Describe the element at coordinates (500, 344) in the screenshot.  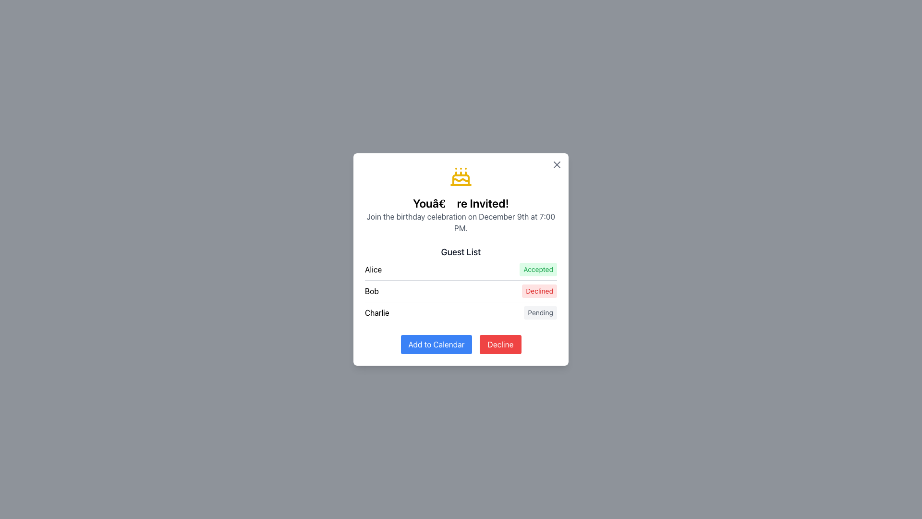
I see `the reject button located at the bottom-right corner of the modal, adjacent to the 'Add to Calendar' button to decline the current context or invitation` at that location.